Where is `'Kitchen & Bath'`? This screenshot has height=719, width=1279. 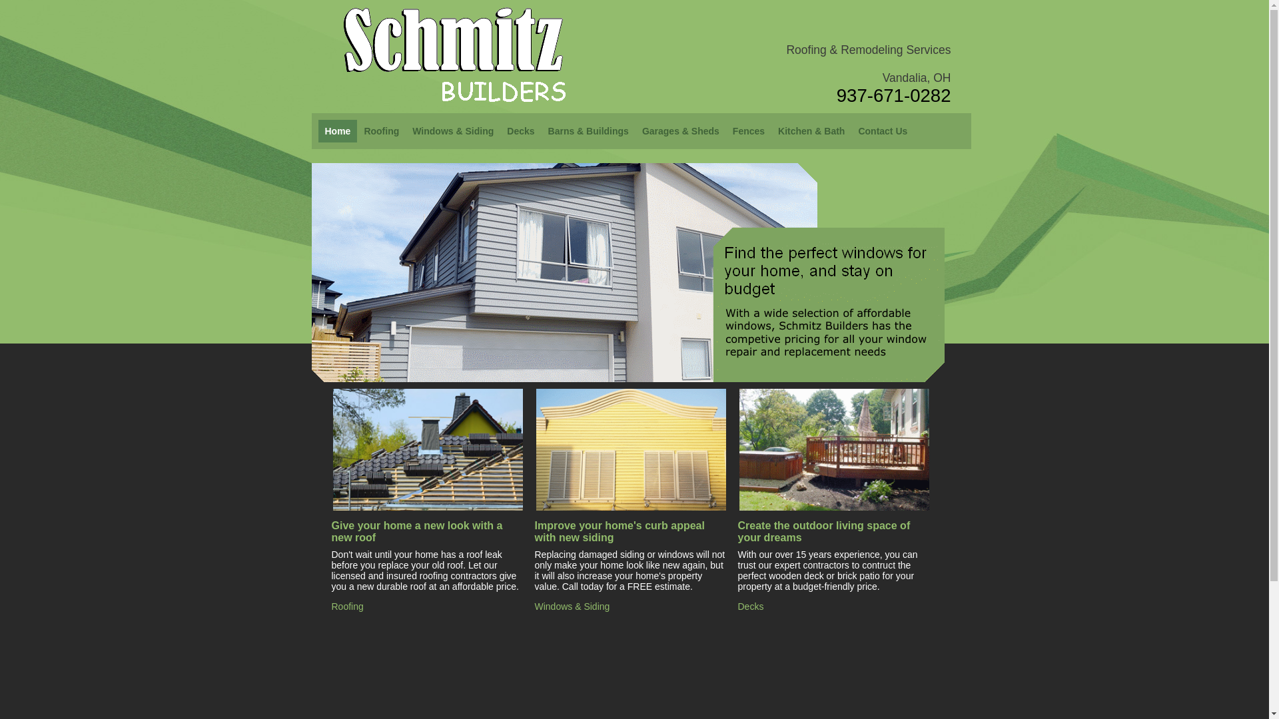 'Kitchen & Bath' is located at coordinates (811, 130).